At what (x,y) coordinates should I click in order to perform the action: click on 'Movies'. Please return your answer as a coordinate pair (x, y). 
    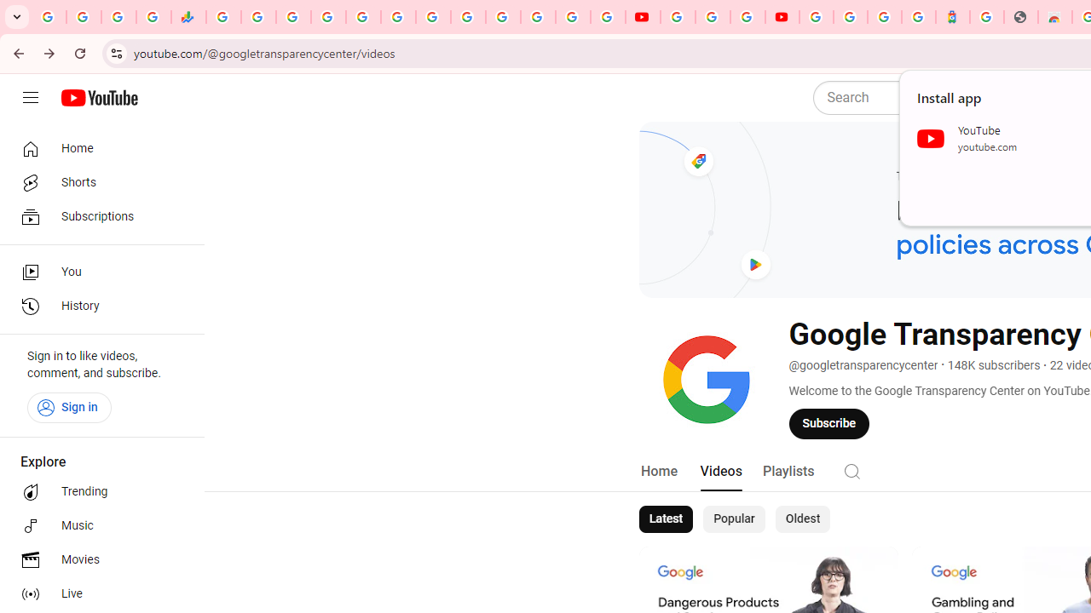
    Looking at the image, I should click on (95, 560).